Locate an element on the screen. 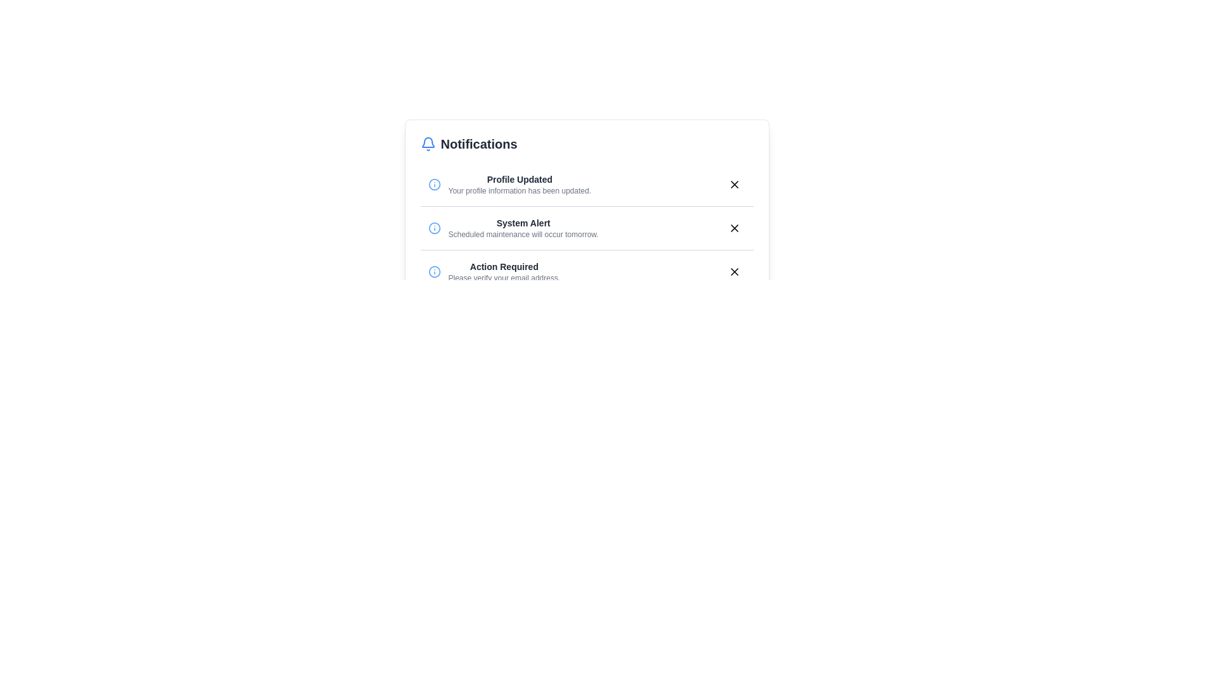  informational text block titled 'Profile Updated' which indicates that 'Your profile information has been updated.' is located at coordinates (520, 185).